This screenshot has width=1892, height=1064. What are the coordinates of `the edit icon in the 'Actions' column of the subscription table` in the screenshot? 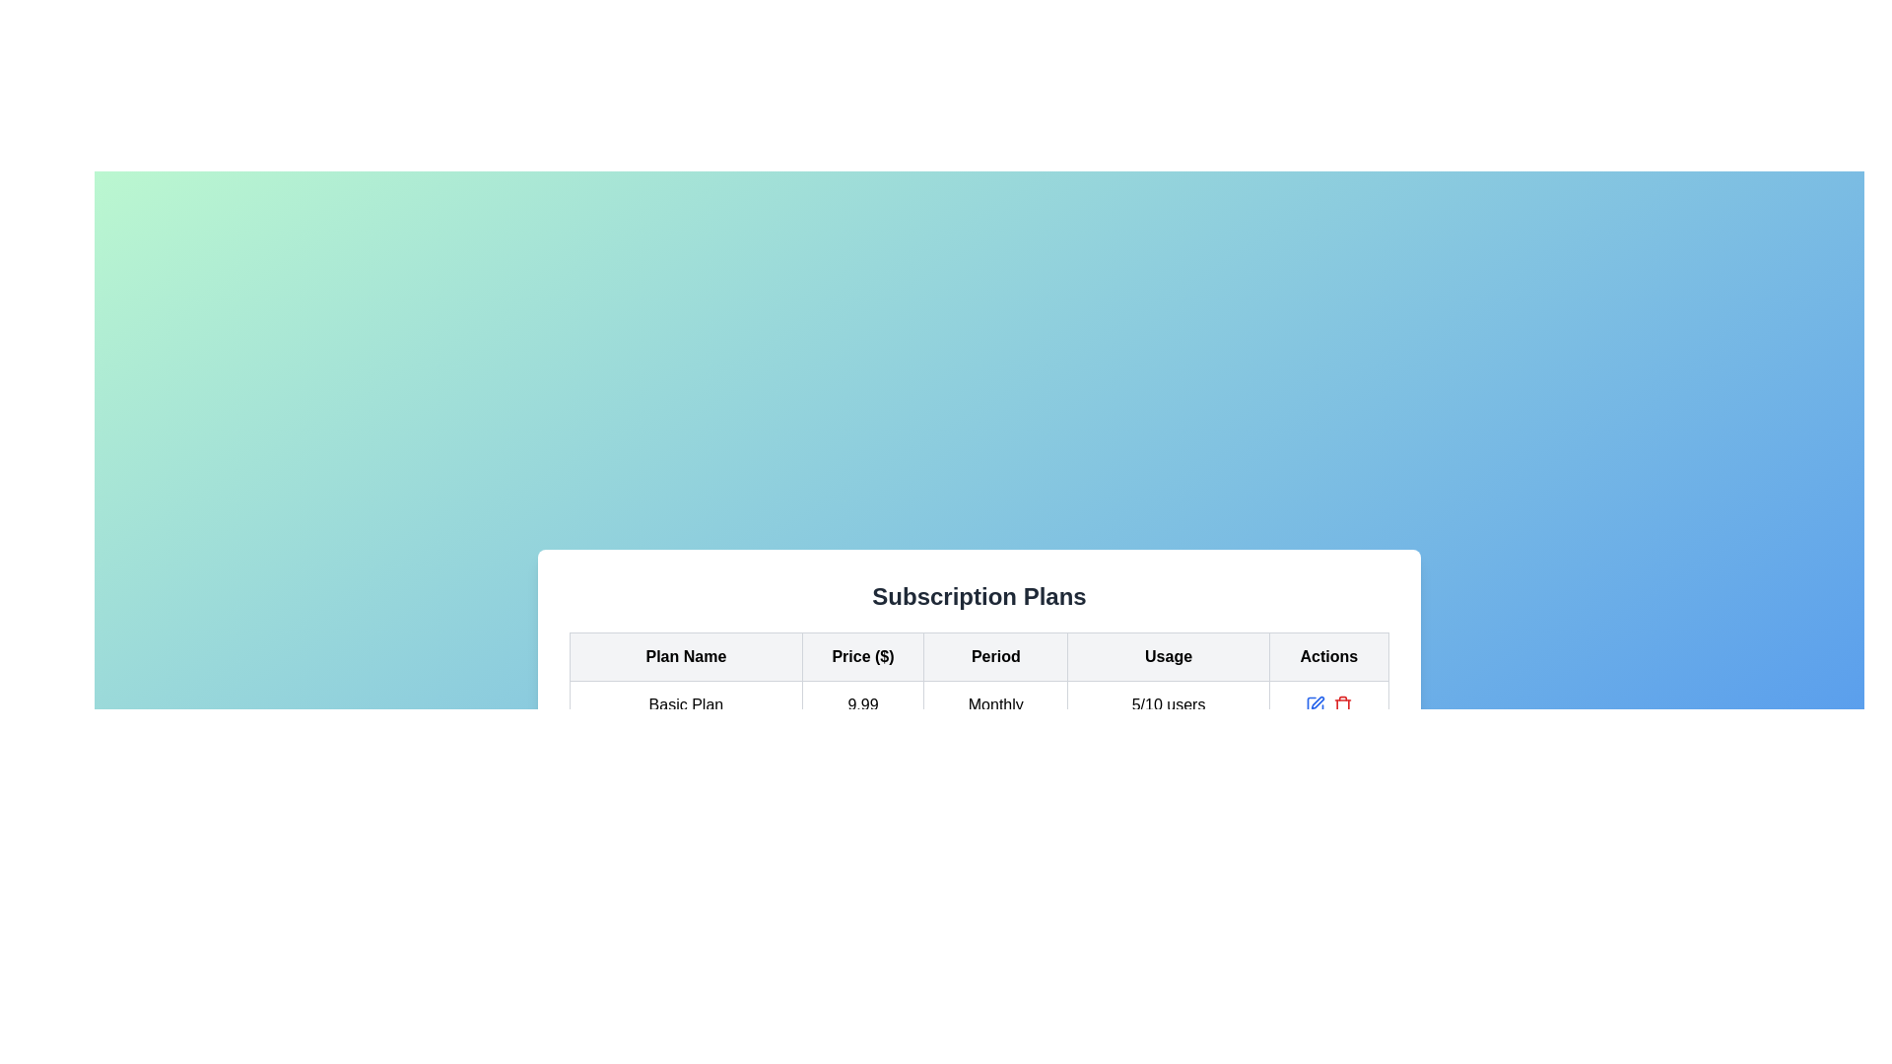 It's located at (1318, 701).